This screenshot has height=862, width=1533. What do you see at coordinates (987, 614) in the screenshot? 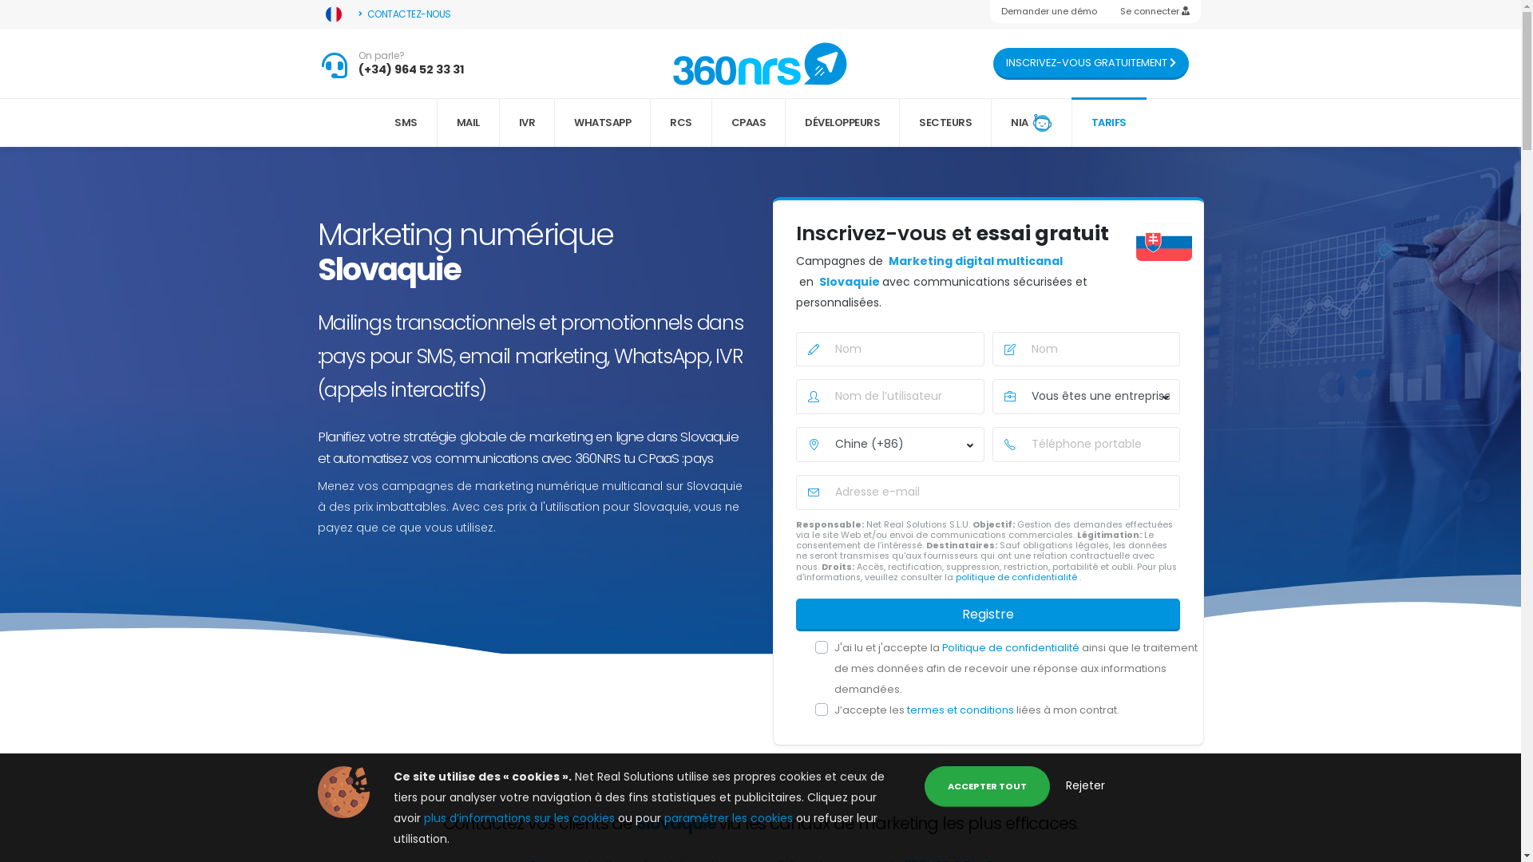
I see `'Registre'` at bounding box center [987, 614].